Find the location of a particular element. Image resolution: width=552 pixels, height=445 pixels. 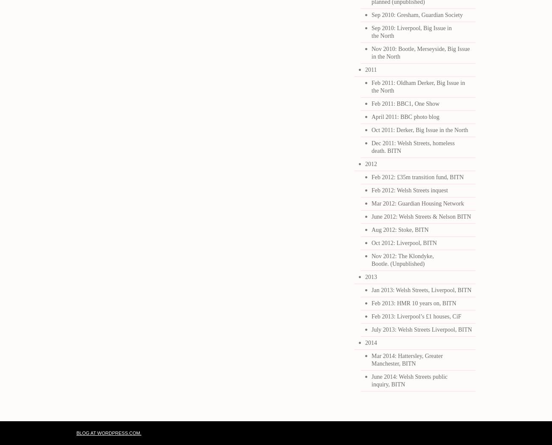

'Sep 2010: Gresham, Guardian Society' is located at coordinates (417, 14).